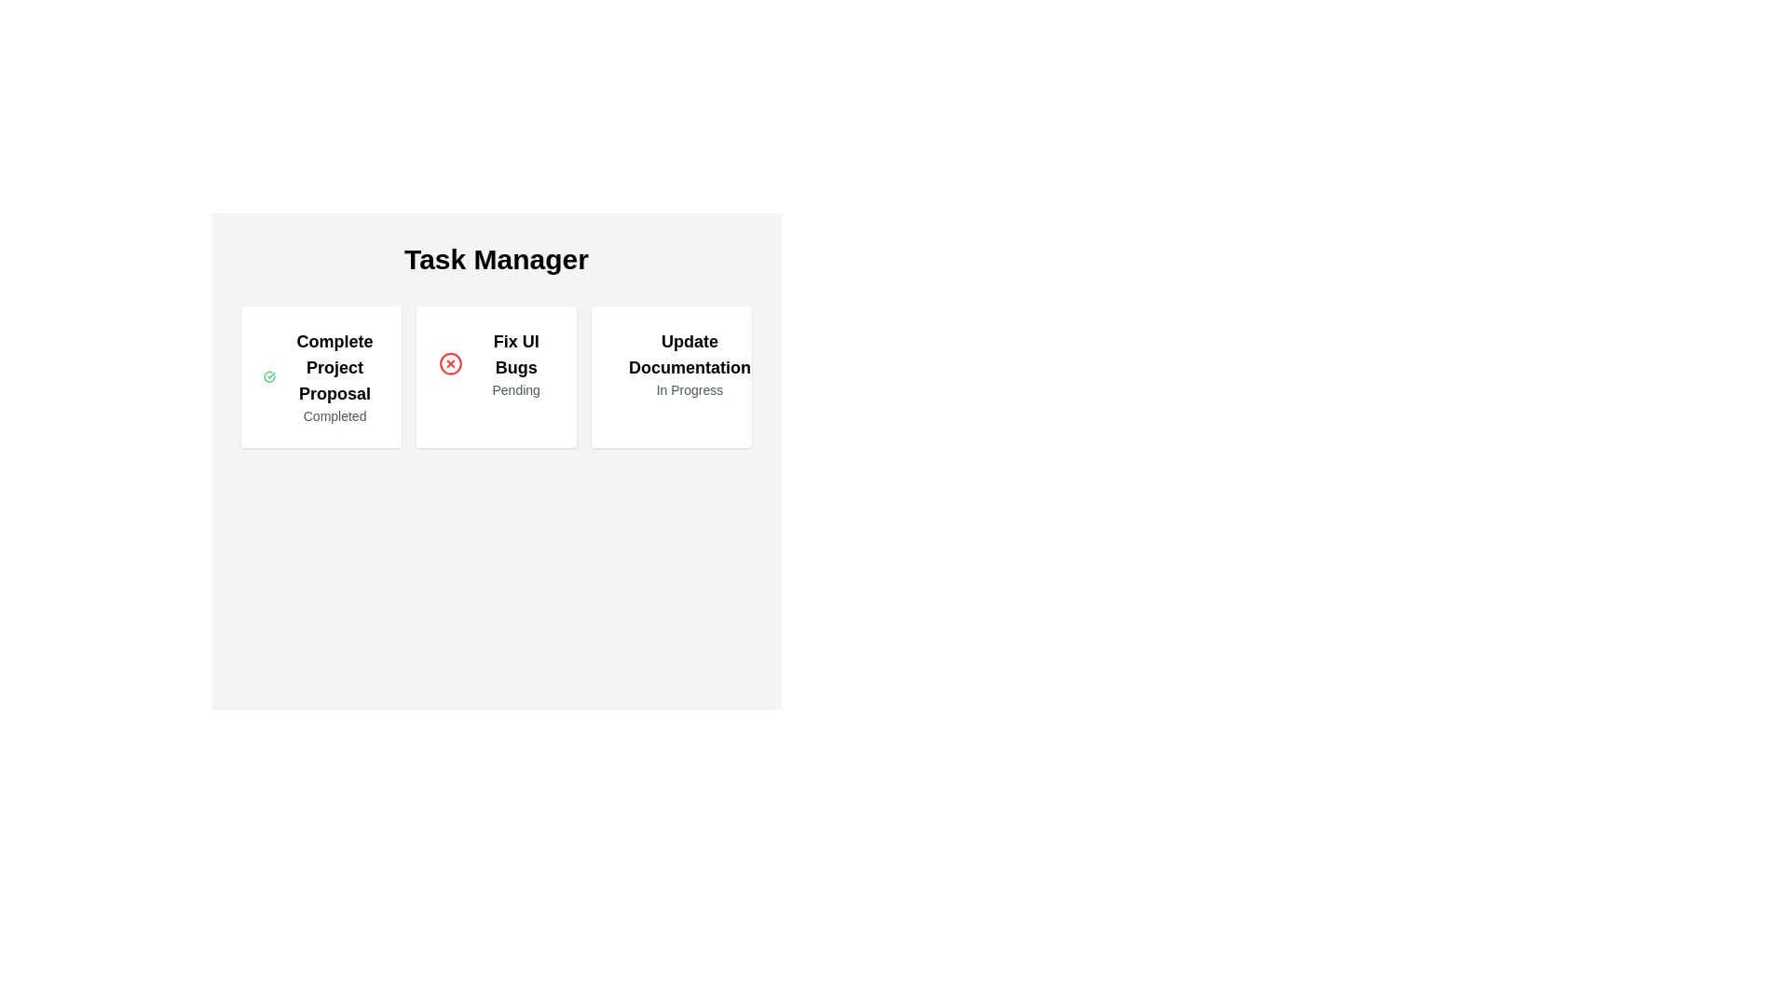 This screenshot has height=1006, width=1789. Describe the element at coordinates (268, 377) in the screenshot. I see `the green checkmark SVG icon within the 'Complete Project Proposal - Completed' content block, located at the leftmost side of the task items under the 'Task Manager' heading` at that location.